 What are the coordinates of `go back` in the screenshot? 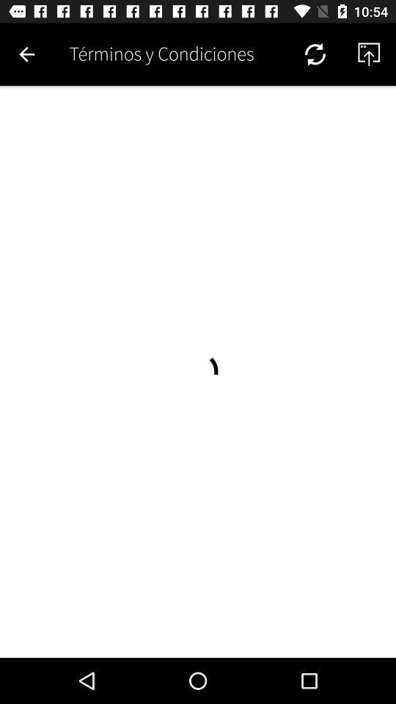 It's located at (26, 54).